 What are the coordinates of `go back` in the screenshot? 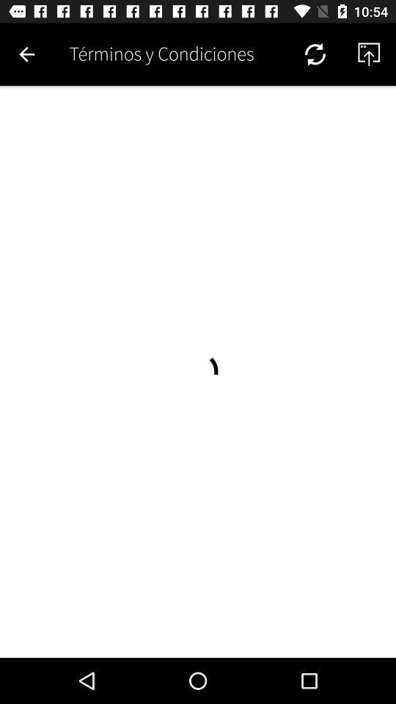 It's located at (26, 54).